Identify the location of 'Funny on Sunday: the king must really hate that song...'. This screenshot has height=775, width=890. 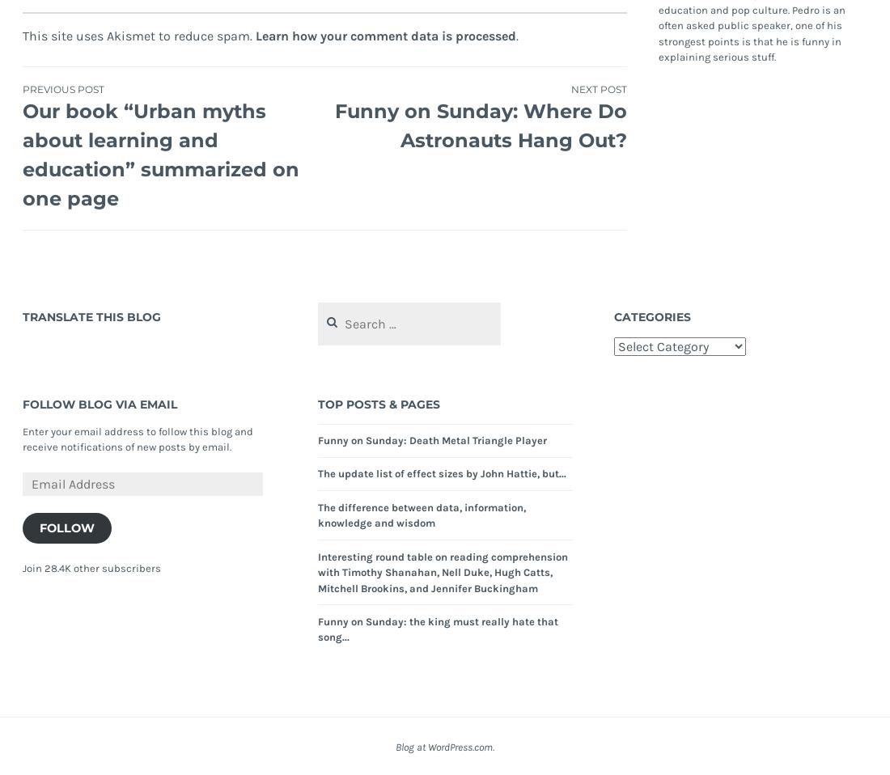
(438, 629).